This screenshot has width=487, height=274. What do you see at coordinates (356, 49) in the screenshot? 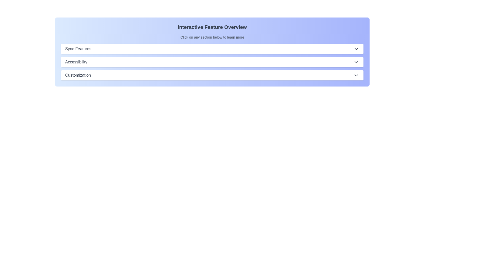
I see `the small downward-pointing chevron icon located on the far right side of the 'Sync Features' section header` at bounding box center [356, 49].